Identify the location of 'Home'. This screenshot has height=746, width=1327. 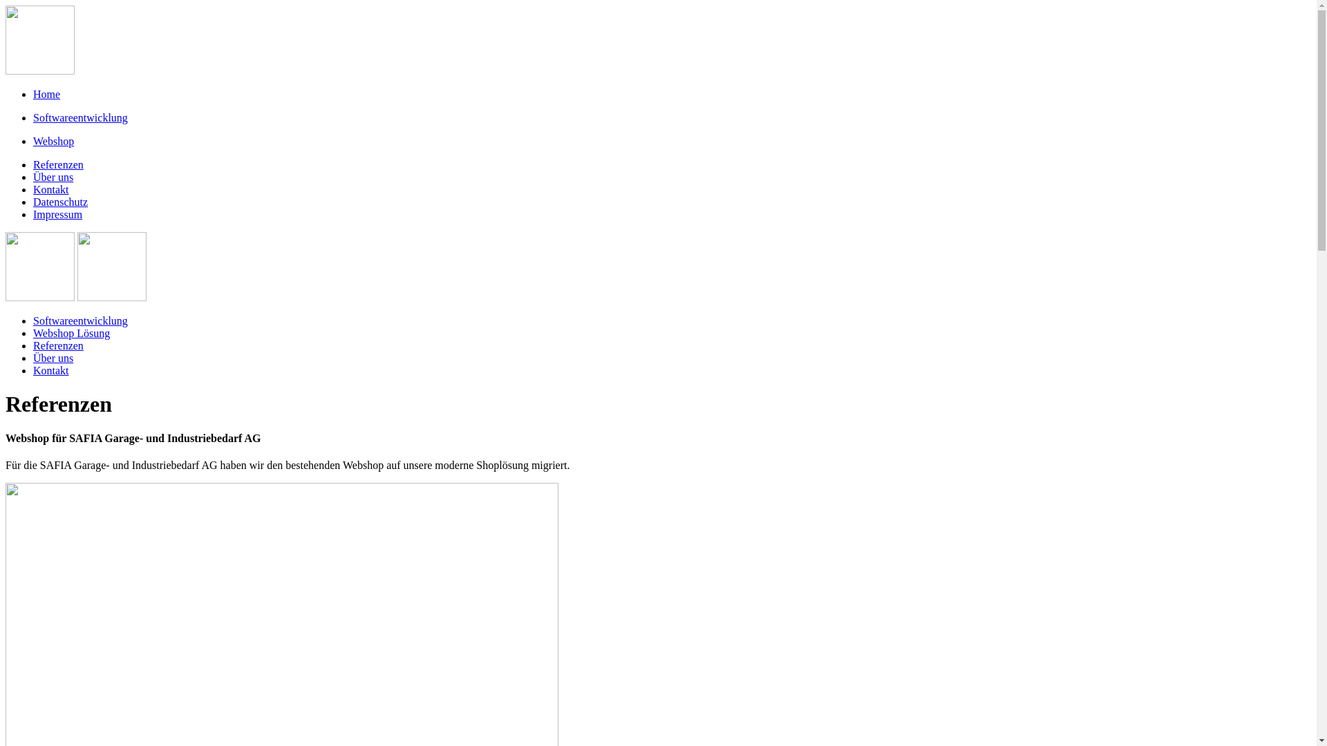
(46, 93).